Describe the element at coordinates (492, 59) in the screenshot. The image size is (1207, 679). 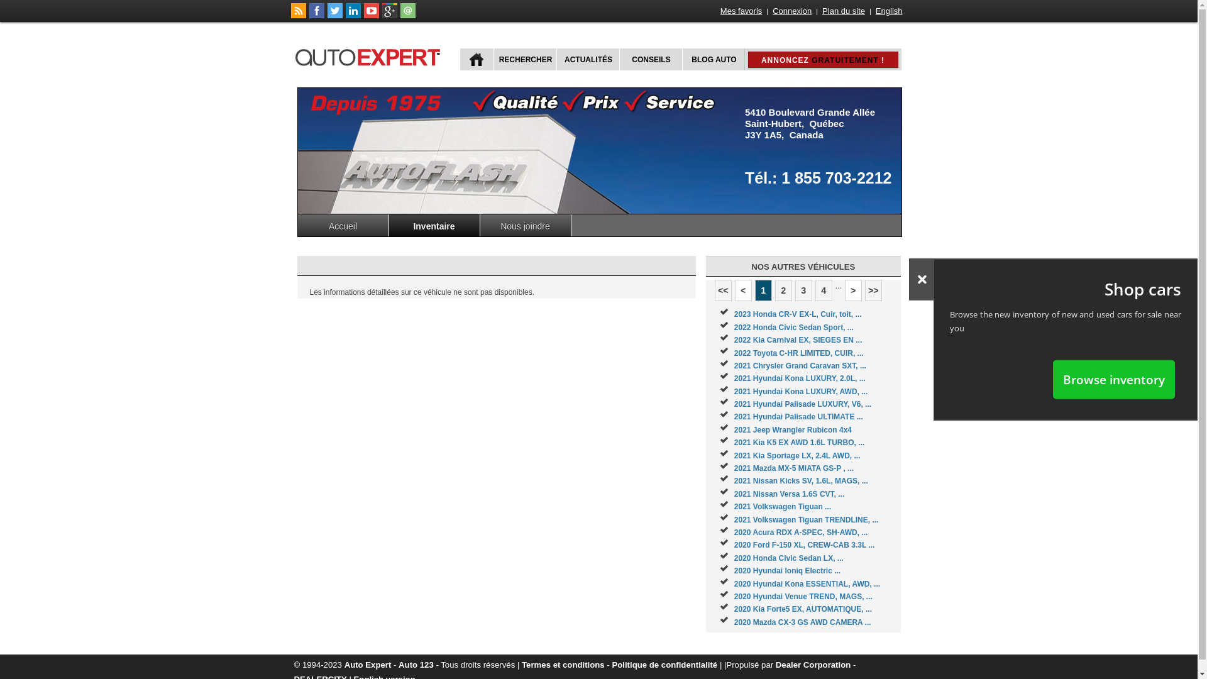
I see `'RECHERCHER'` at that location.